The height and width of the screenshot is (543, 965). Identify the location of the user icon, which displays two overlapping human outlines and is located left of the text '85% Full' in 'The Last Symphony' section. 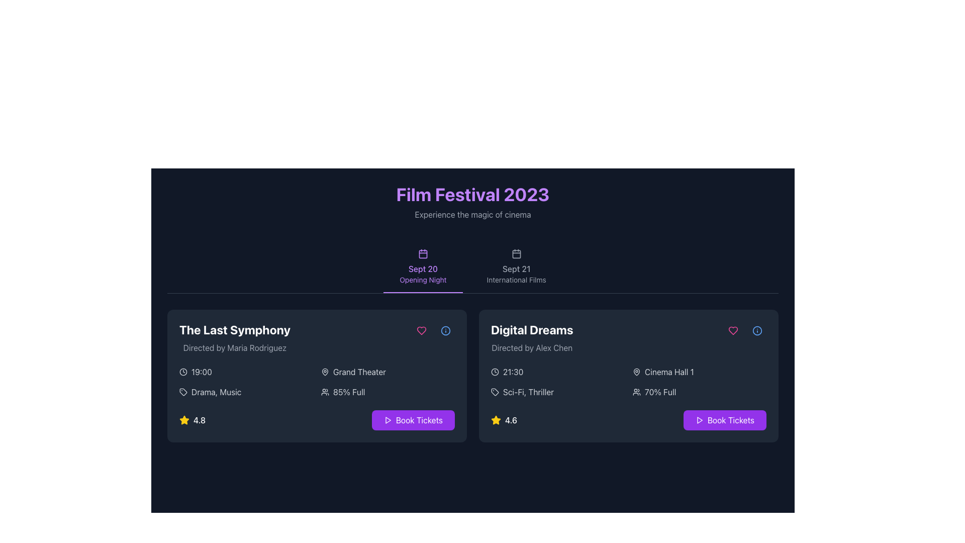
(325, 391).